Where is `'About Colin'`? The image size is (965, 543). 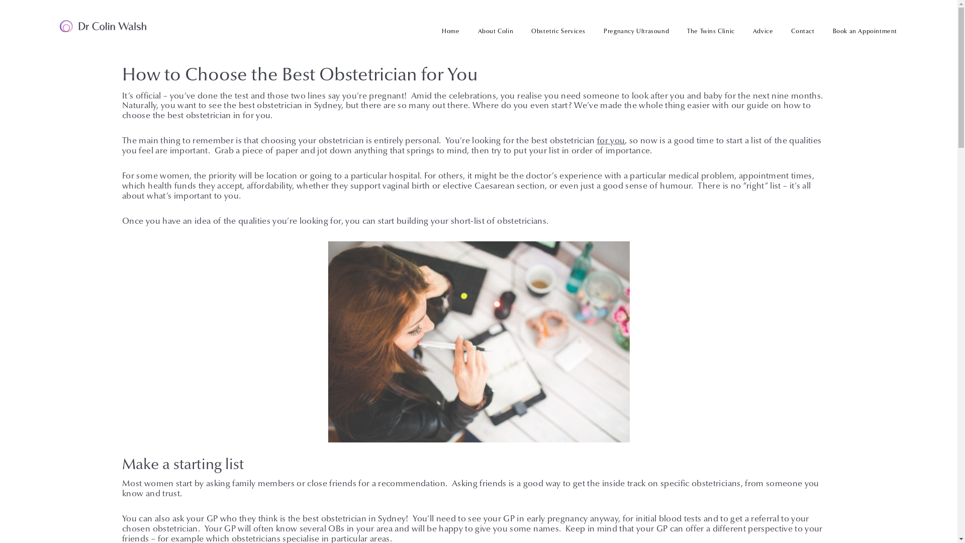 'About Colin' is located at coordinates (496, 31).